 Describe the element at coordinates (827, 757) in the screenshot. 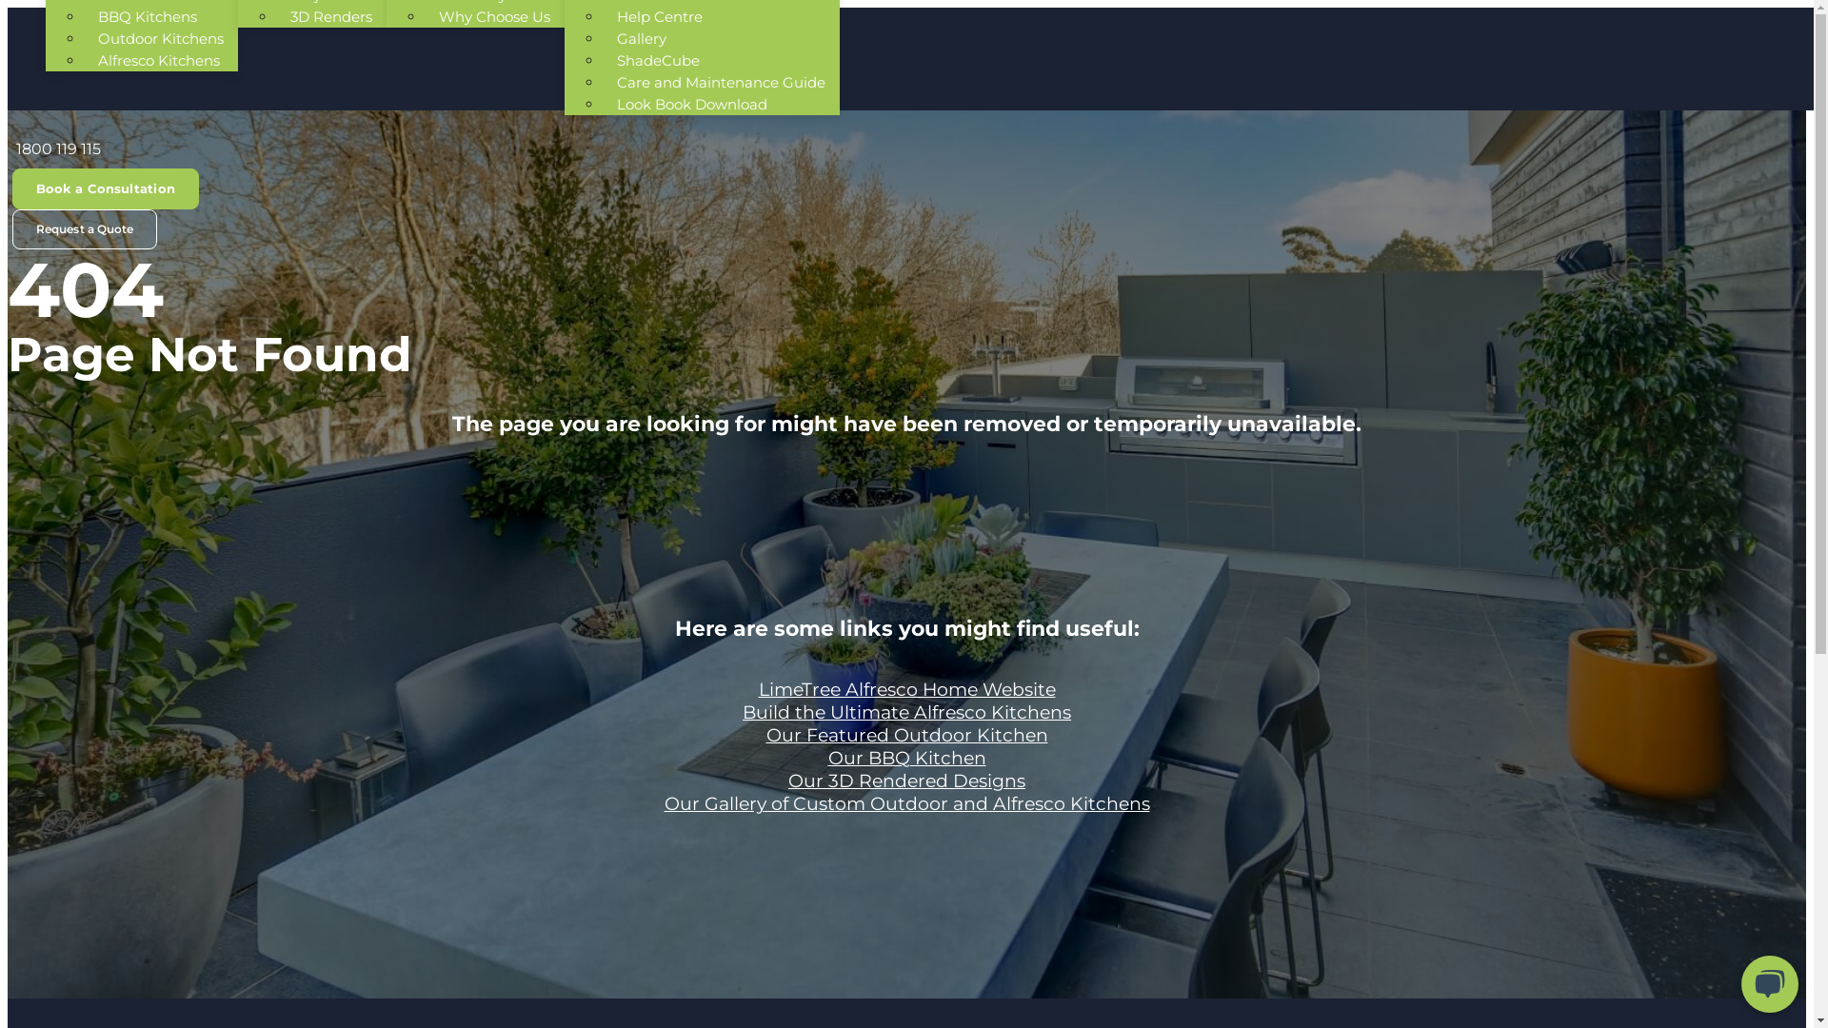

I see `'Our BBQ Kitchen'` at that location.